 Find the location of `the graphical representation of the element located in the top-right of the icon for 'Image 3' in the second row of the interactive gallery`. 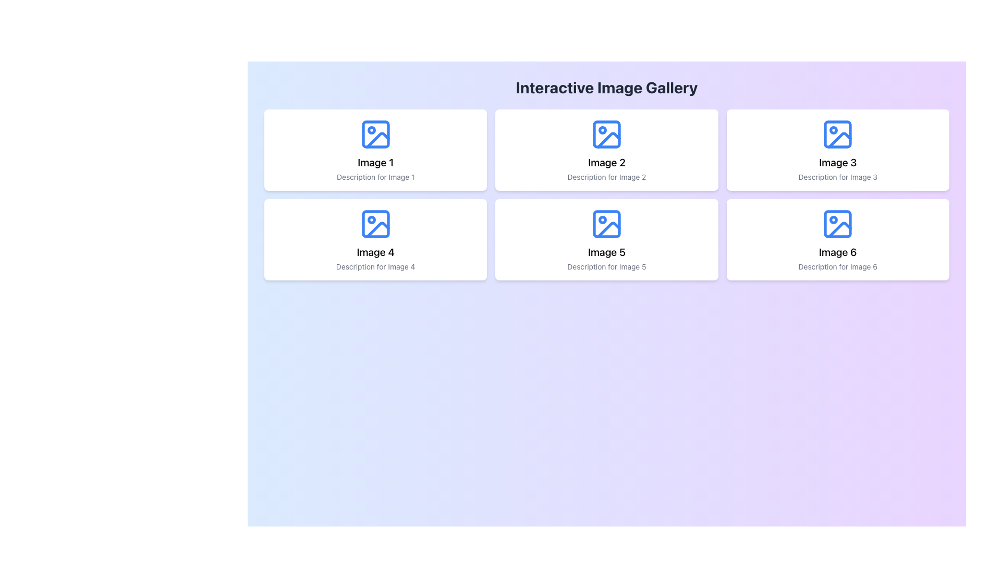

the graphical representation of the element located in the top-right of the icon for 'Image 3' in the second row of the interactive gallery is located at coordinates (838, 134).